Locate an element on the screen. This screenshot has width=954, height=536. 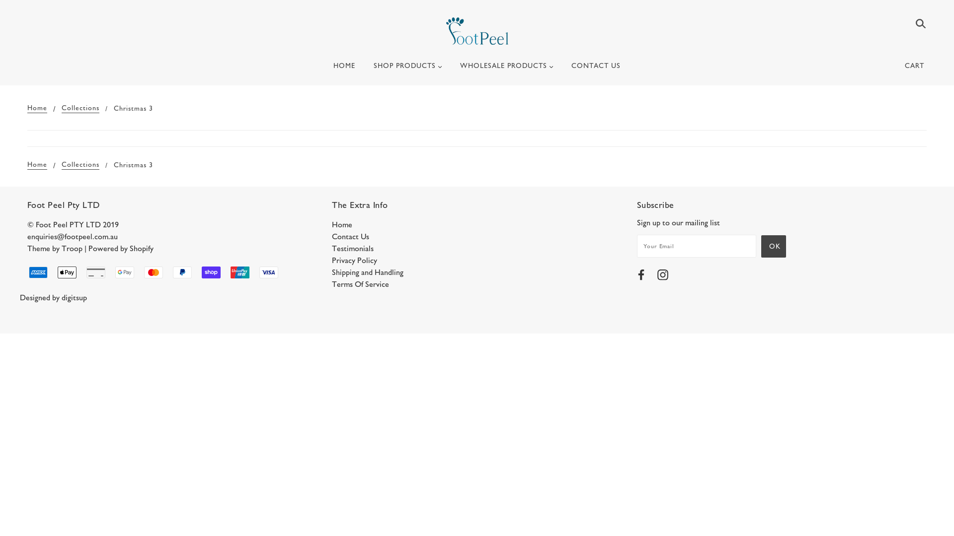
'Terms Of Service' is located at coordinates (360, 284).